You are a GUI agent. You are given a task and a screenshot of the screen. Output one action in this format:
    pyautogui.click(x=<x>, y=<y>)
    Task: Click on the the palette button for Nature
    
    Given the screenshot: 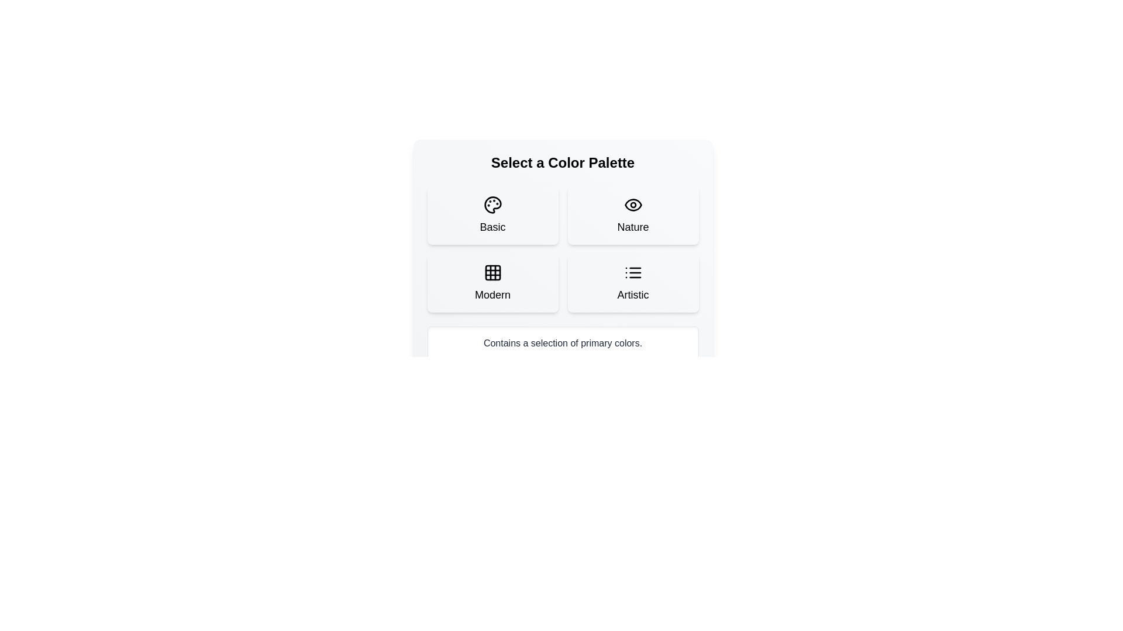 What is the action you would take?
    pyautogui.click(x=632, y=216)
    